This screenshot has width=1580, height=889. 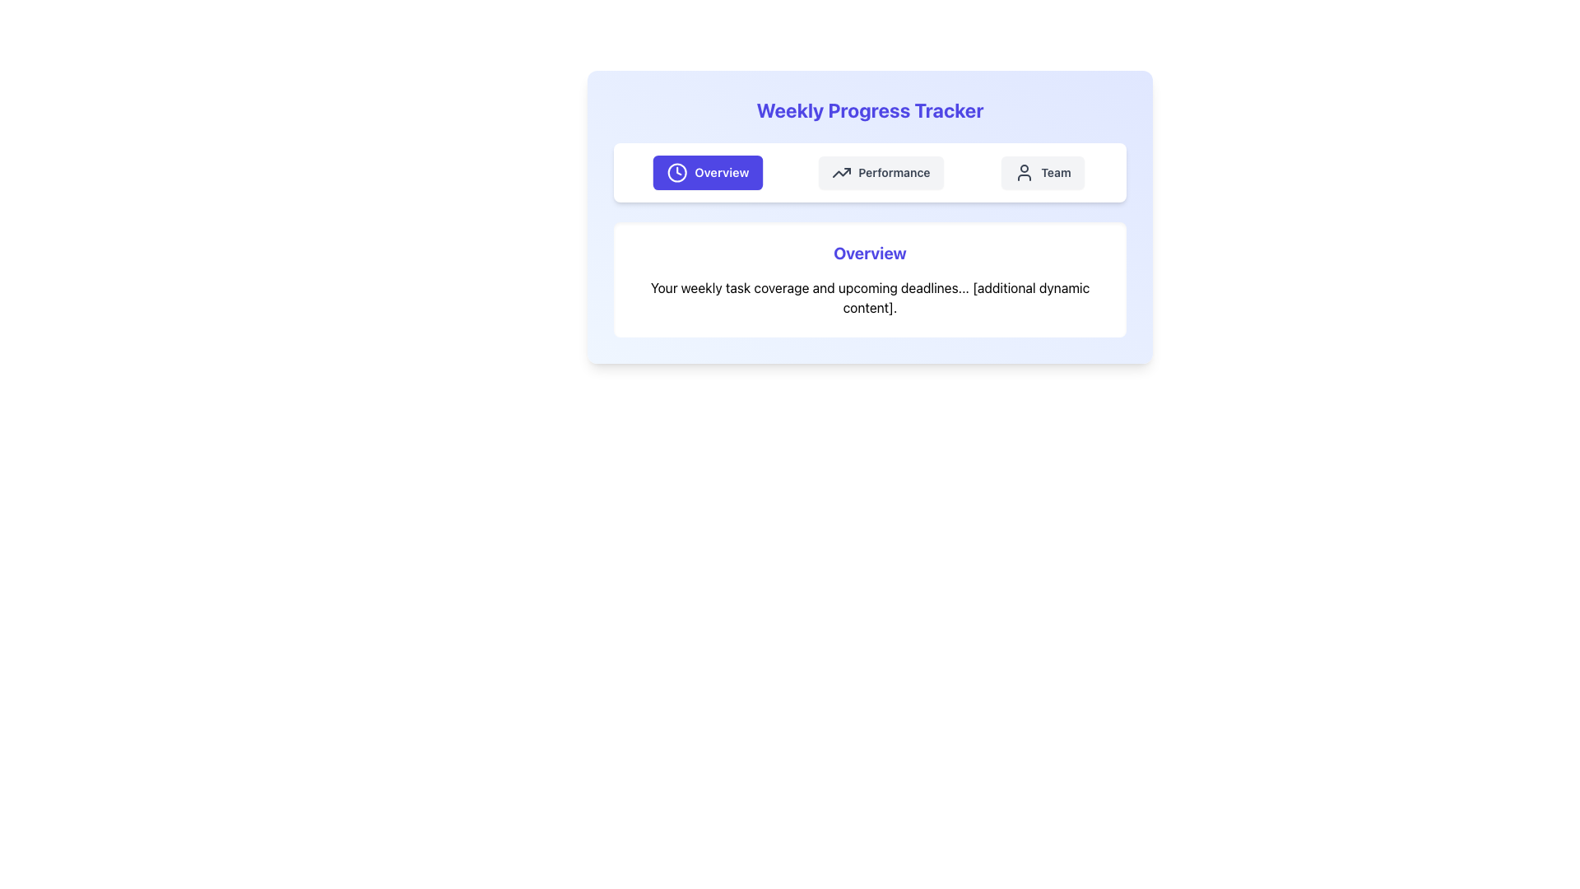 What do you see at coordinates (880, 172) in the screenshot?
I see `the 'Performance' button, which is the second button in a white background strip` at bounding box center [880, 172].